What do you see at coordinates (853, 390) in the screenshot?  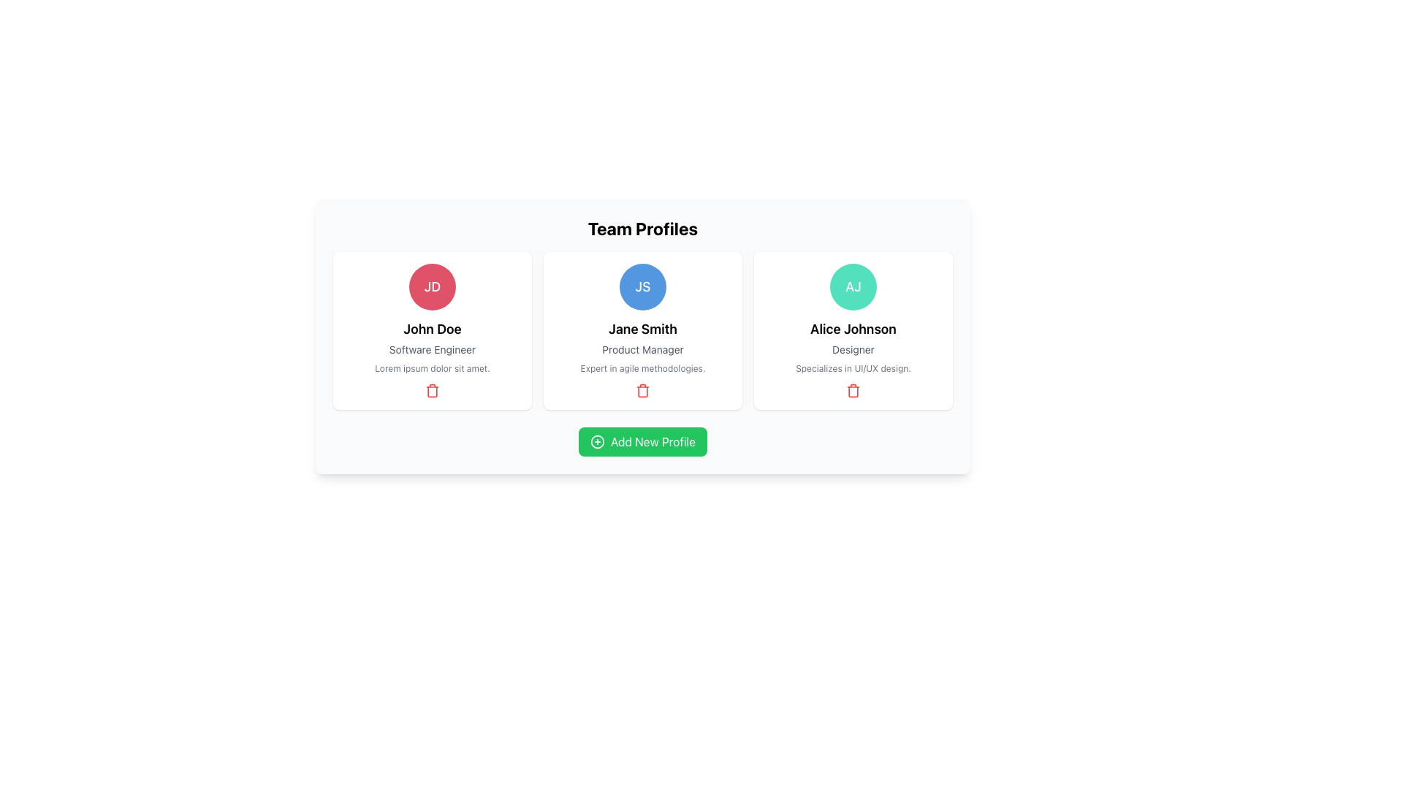 I see `the trash can icon located at the bottom center of Alice Johnson's profile card` at bounding box center [853, 390].